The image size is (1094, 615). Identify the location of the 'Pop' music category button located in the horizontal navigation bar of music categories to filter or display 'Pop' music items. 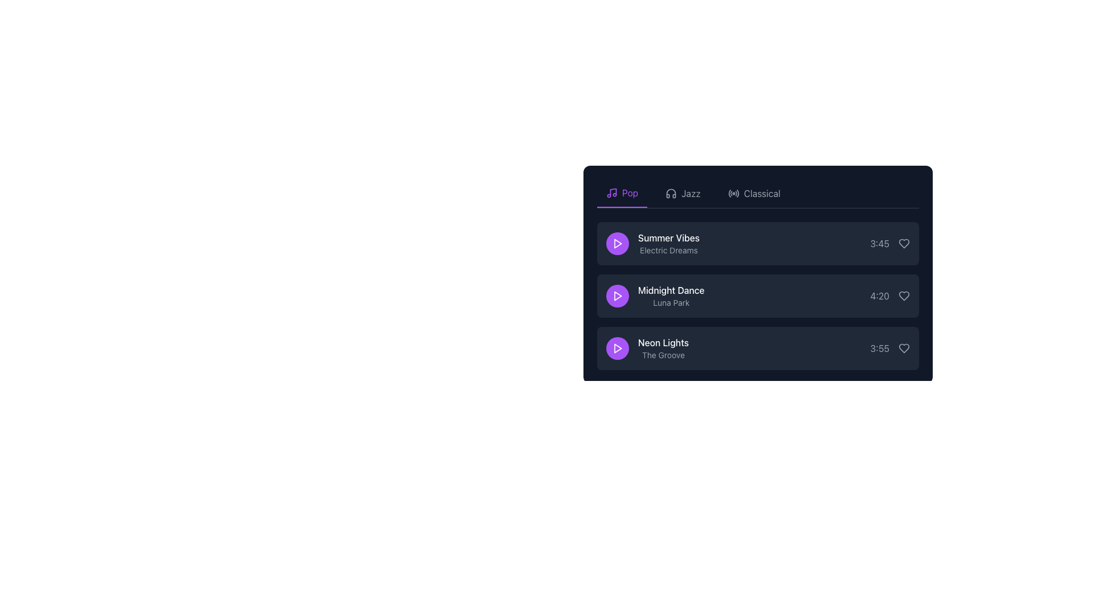
(622, 192).